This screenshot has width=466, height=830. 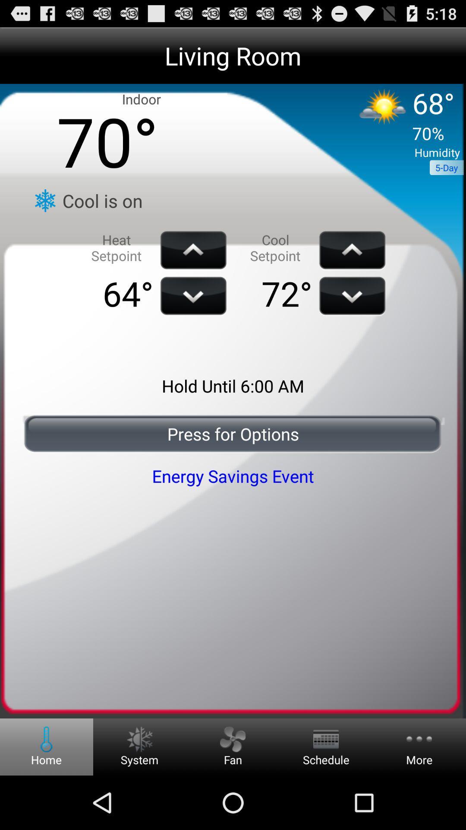 I want to click on the button next to the heat setpoint, so click(x=192, y=250).